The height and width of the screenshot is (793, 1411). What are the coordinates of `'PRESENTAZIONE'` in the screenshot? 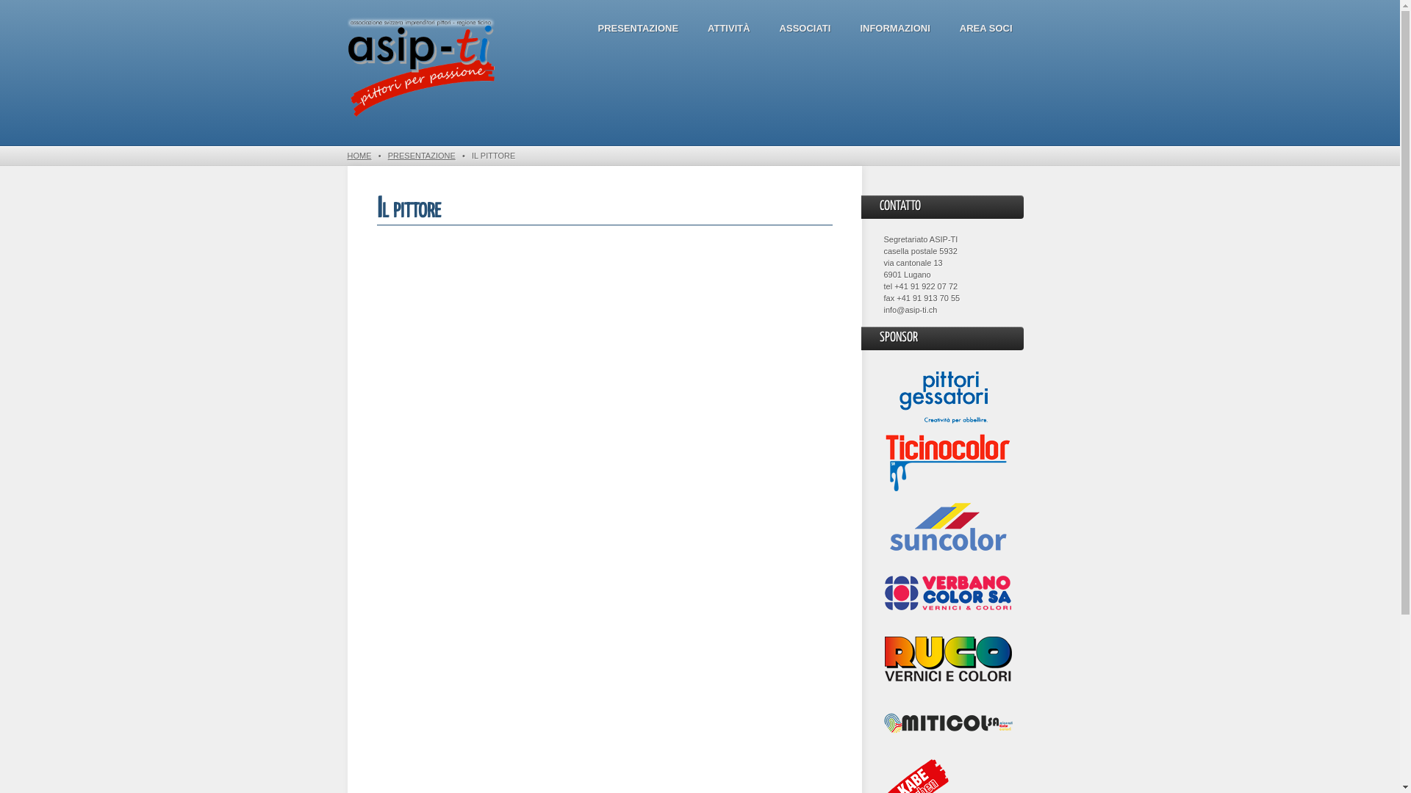 It's located at (421, 156).